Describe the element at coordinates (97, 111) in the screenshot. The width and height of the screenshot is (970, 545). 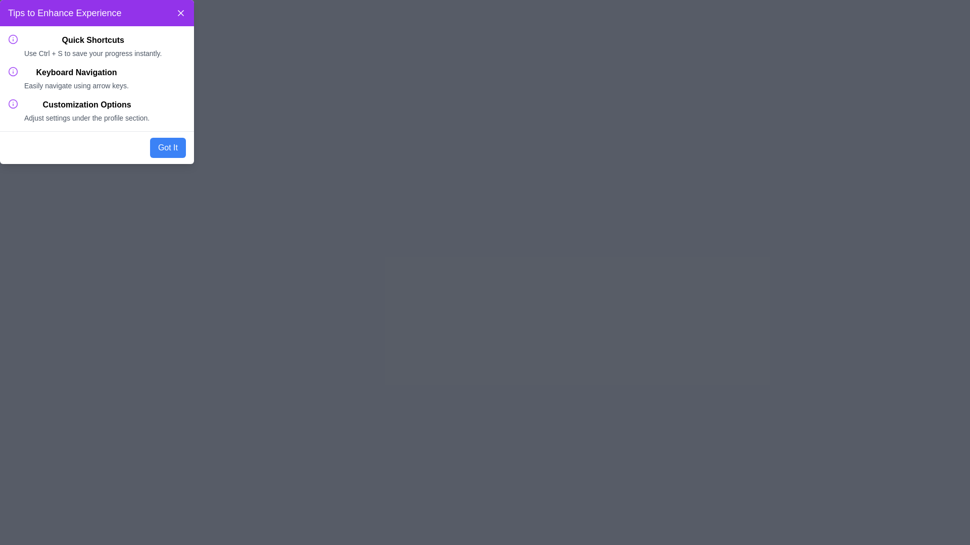
I see `information block titled 'Customization Options' which provides the description 'Adjust settings under the profile section.'` at that location.